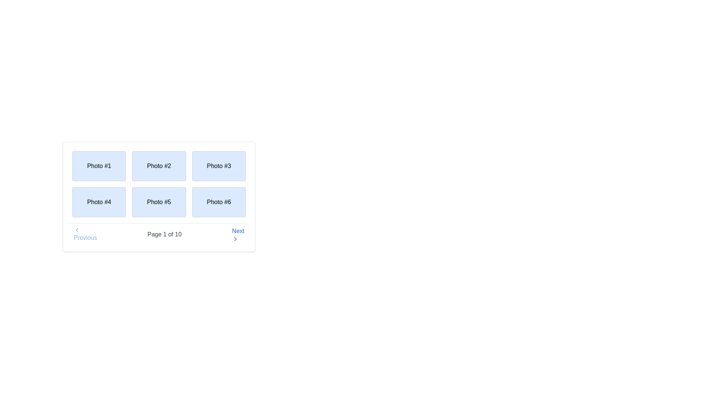 This screenshot has height=406, width=722. I want to click on the light blue button labeled 'Photo #2', so click(158, 166).